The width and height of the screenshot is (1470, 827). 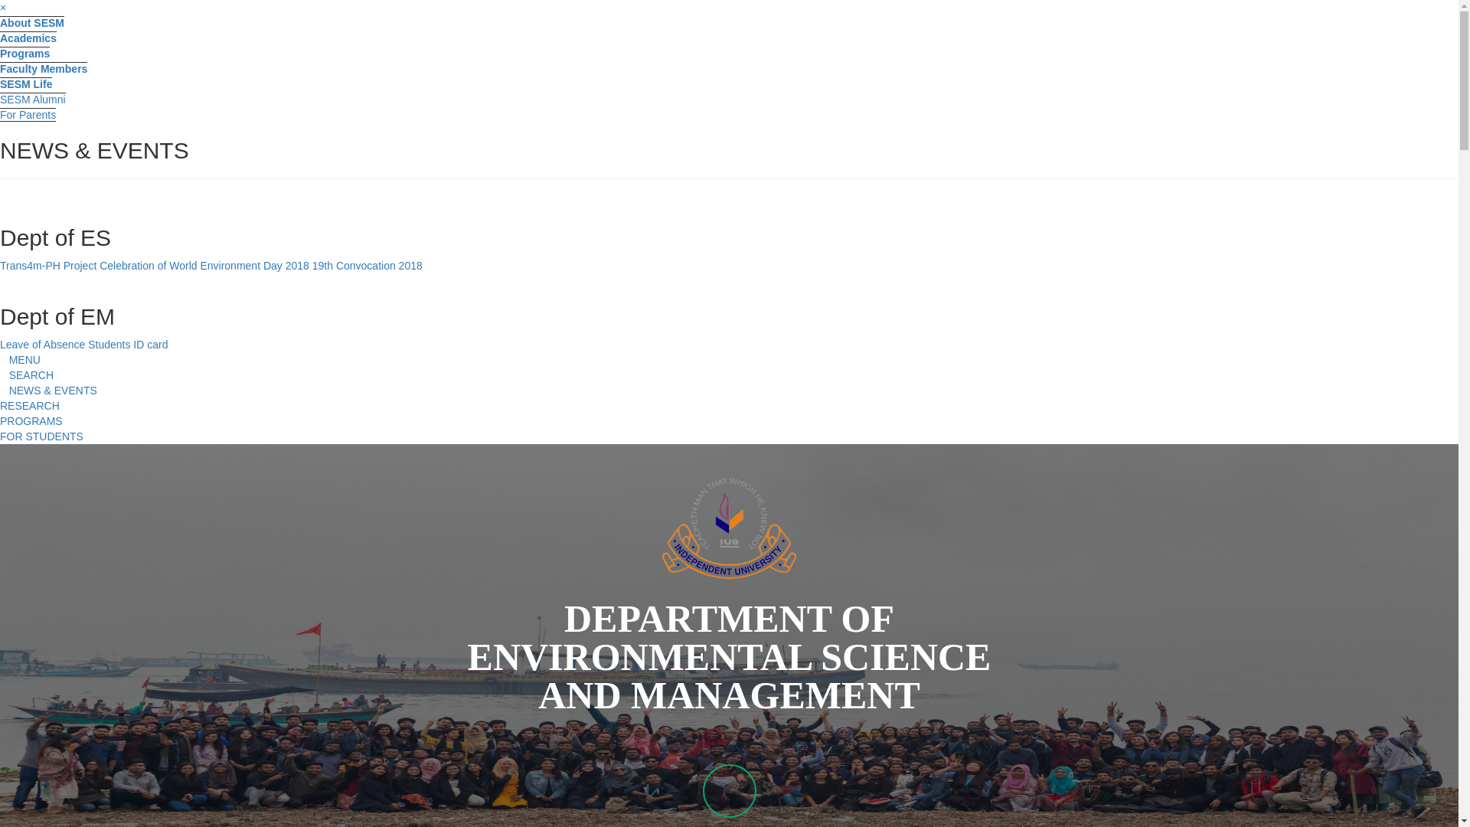 What do you see at coordinates (42, 345) in the screenshot?
I see `'Leave of Absence'` at bounding box center [42, 345].